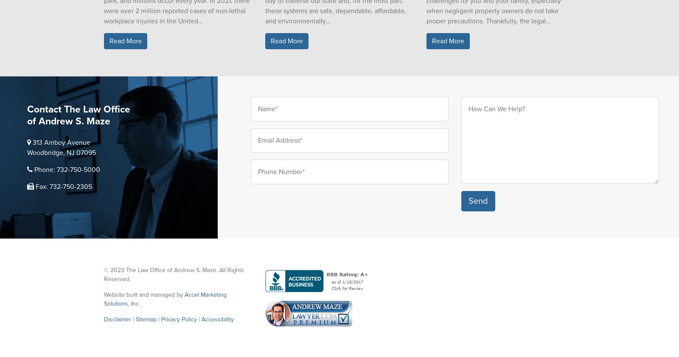 The image size is (679, 357). I want to click on 'Disclaimer', so click(117, 319).